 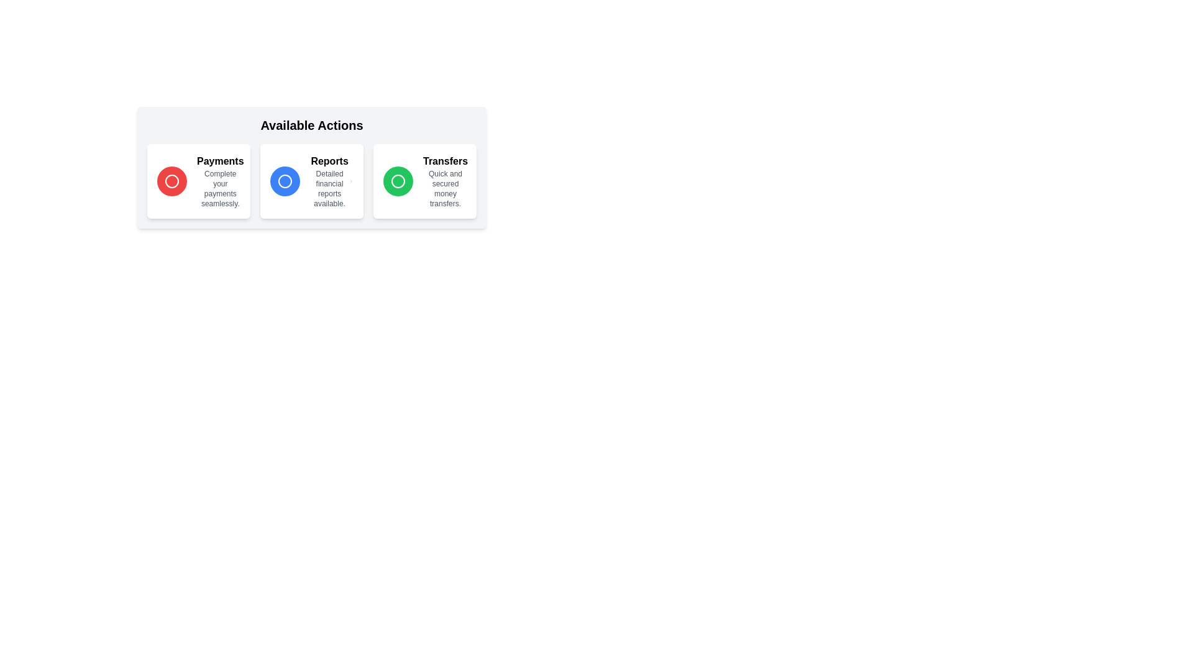 What do you see at coordinates (398, 181) in the screenshot?
I see `the circular icon with a thick white outline on a green background, which is centered within the 'Transfers' button, part of a group of three buttons labeled 'Payments,' 'Reports,' and 'Transfers.'` at bounding box center [398, 181].